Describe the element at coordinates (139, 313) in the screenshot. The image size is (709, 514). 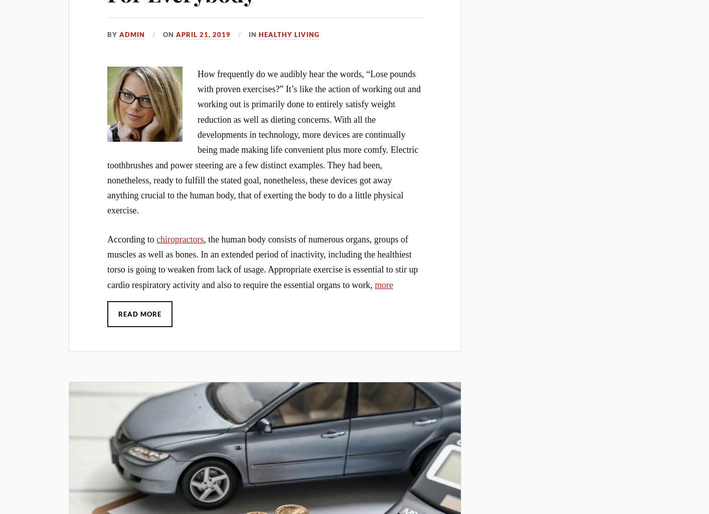
I see `'Read More'` at that location.